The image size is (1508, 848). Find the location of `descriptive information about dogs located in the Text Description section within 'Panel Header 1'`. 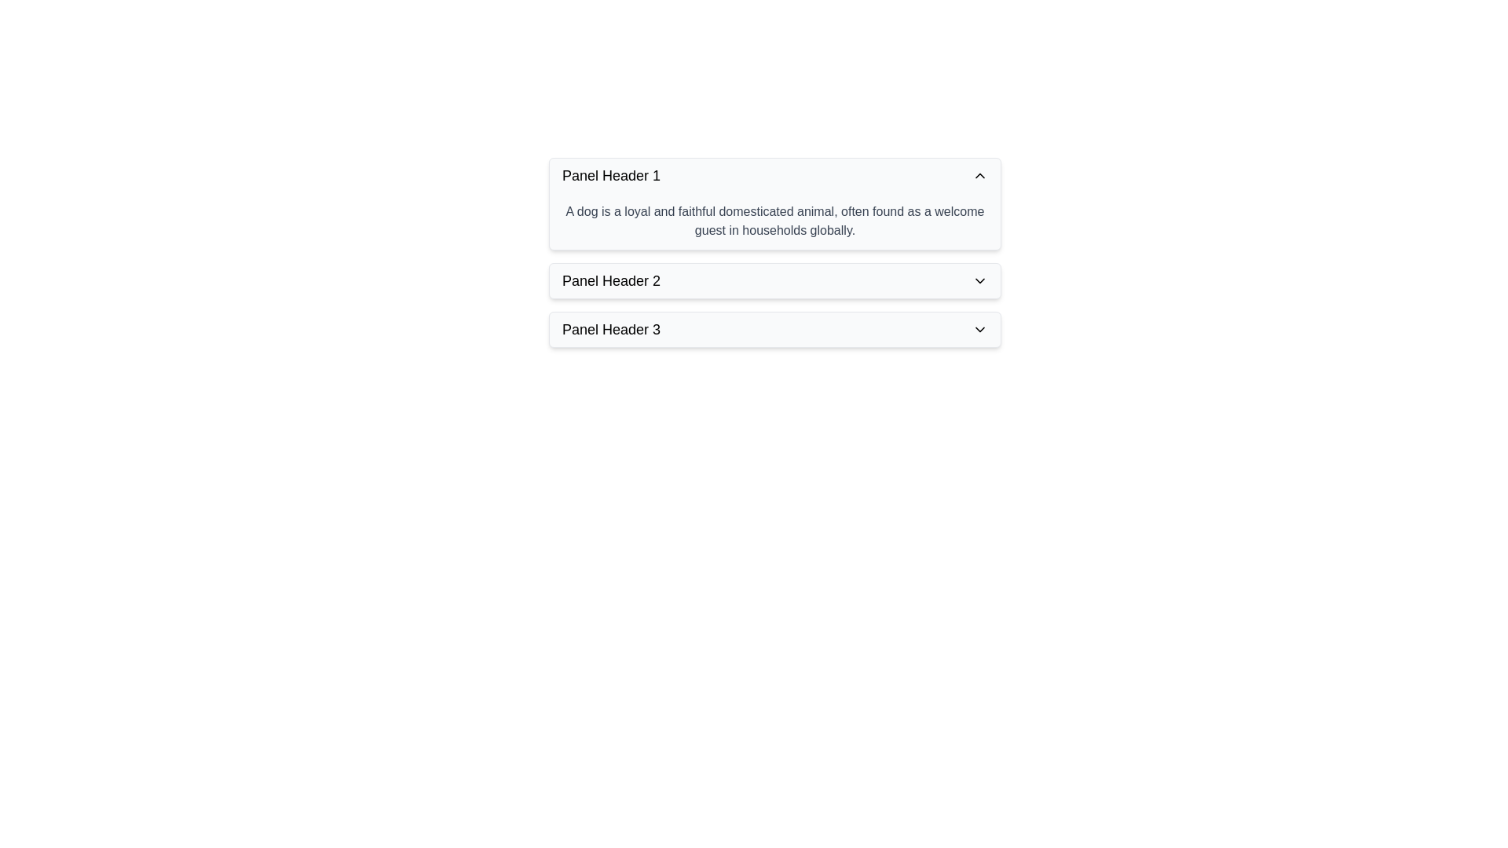

descriptive information about dogs located in the Text Description section within 'Panel Header 1' is located at coordinates (775, 221).